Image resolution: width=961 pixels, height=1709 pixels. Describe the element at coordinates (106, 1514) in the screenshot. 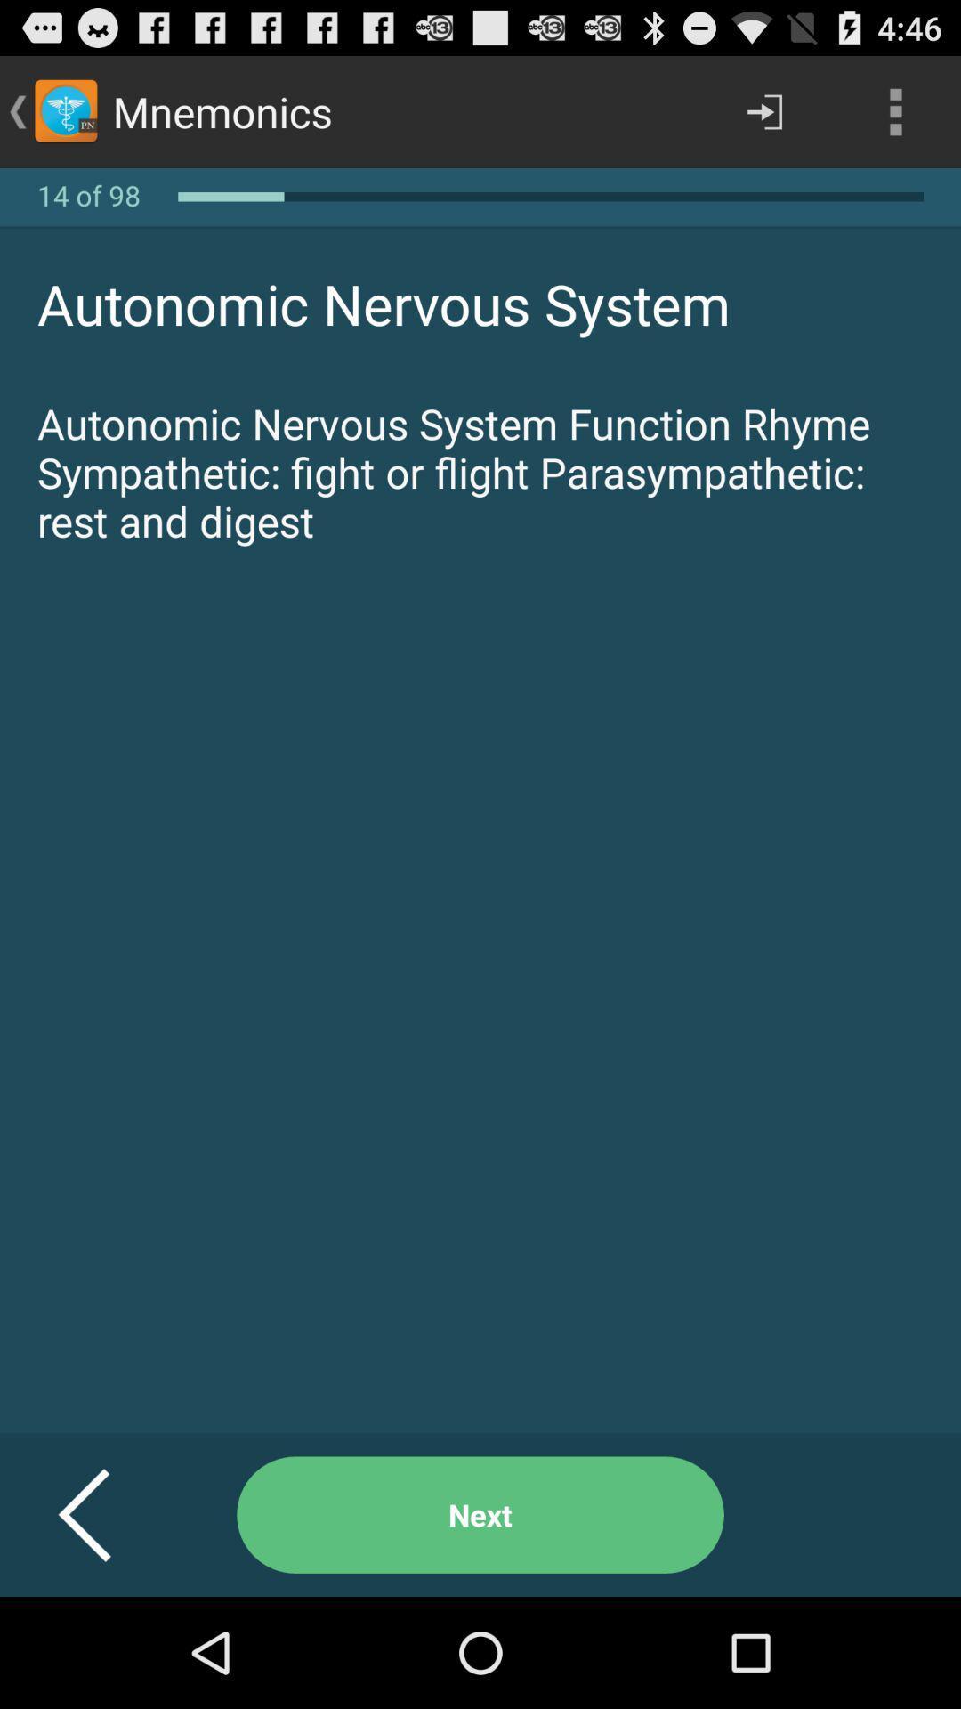

I see `go back` at that location.